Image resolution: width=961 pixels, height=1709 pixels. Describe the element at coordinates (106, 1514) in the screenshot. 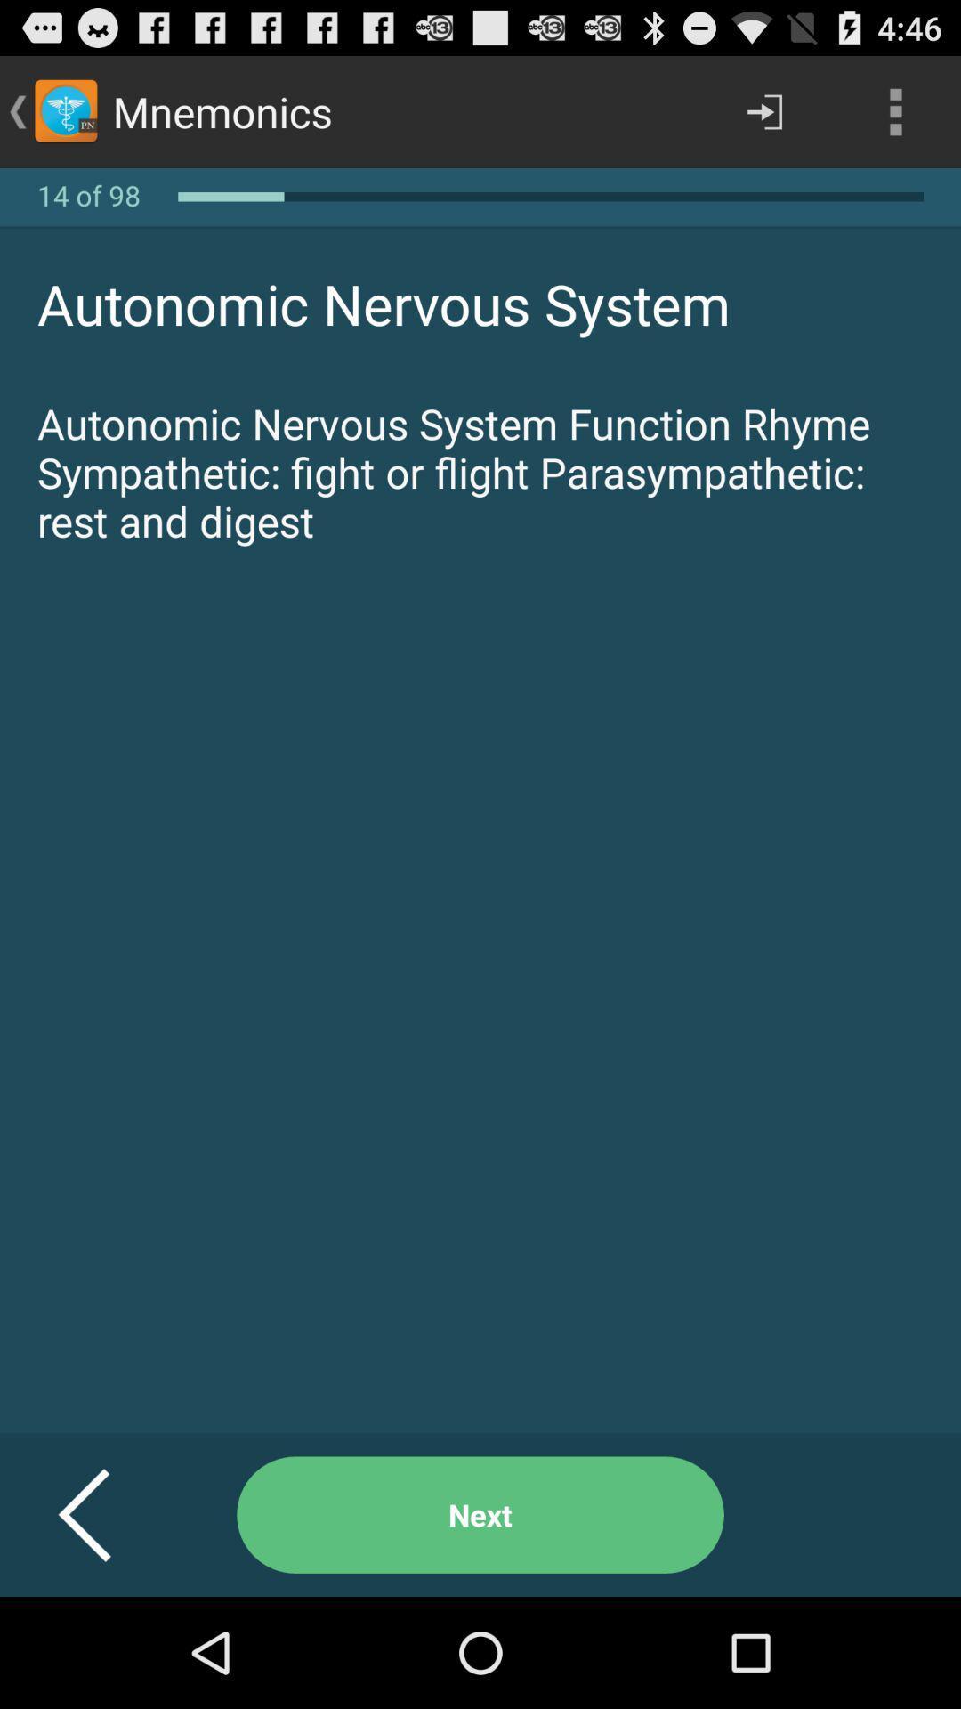

I see `go back` at that location.